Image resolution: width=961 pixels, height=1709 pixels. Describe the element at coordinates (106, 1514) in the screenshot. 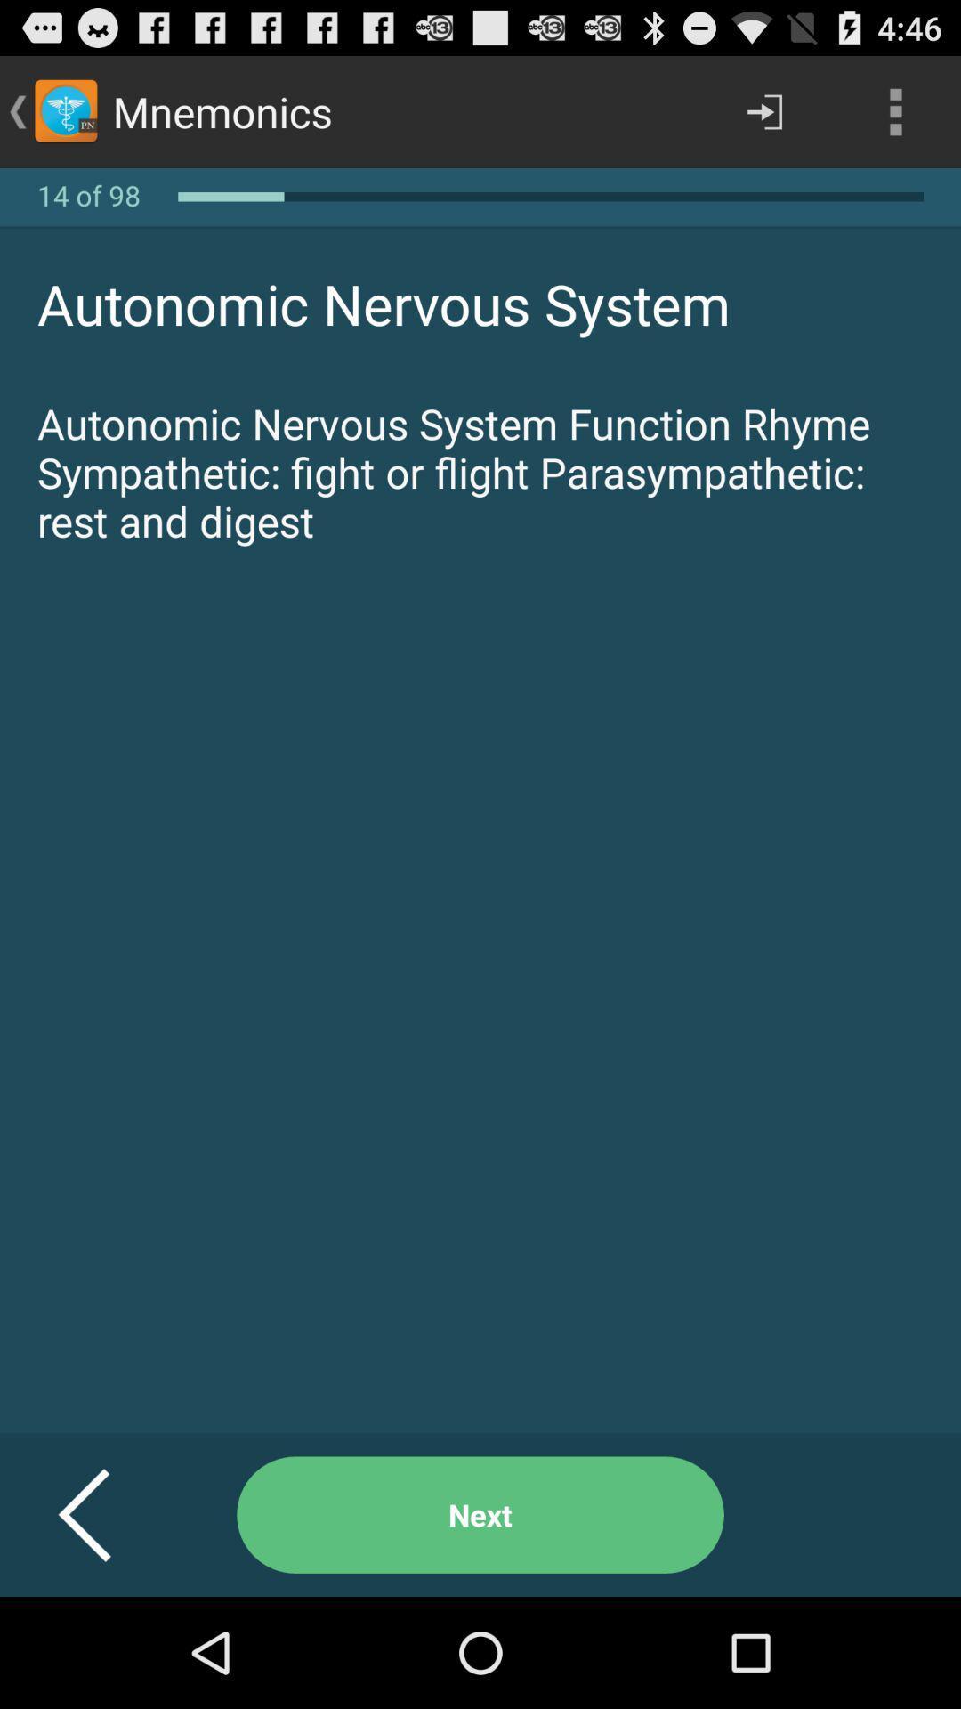

I see `go back` at that location.